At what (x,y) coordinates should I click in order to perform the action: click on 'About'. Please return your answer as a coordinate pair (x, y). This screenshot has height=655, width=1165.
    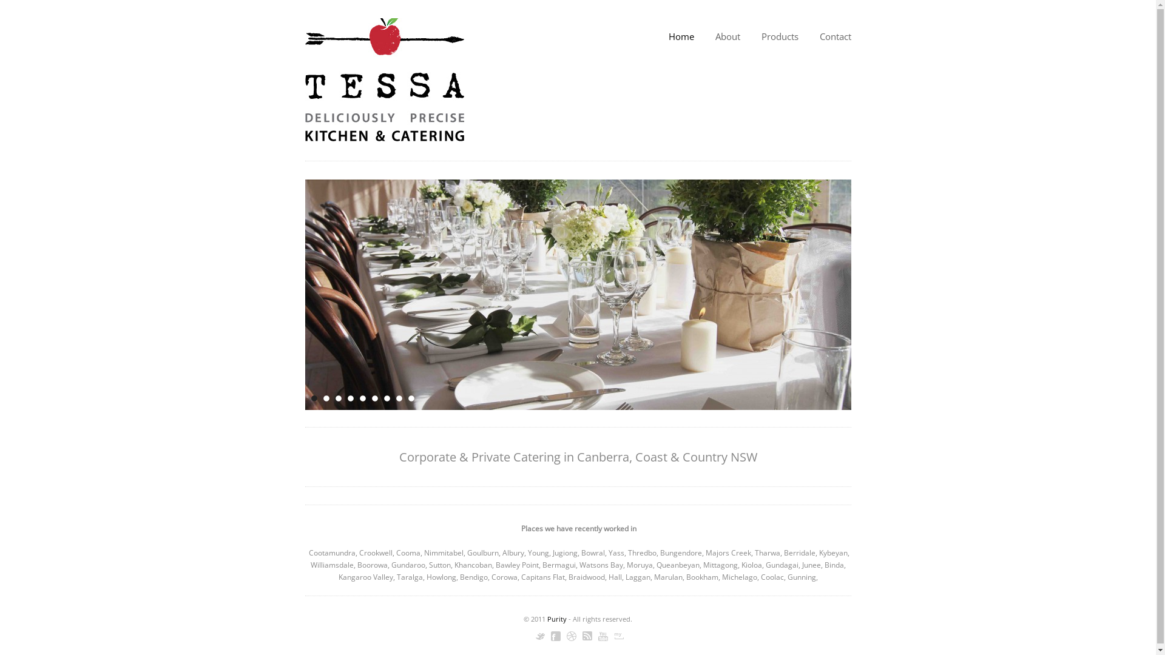
    Looking at the image, I should click on (727, 36).